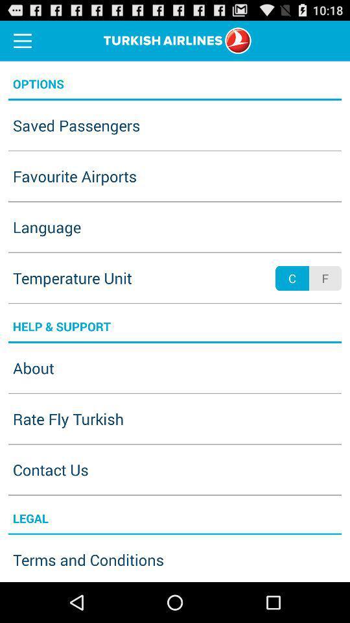 The width and height of the screenshot is (350, 623). I want to click on f icon, so click(324, 278).